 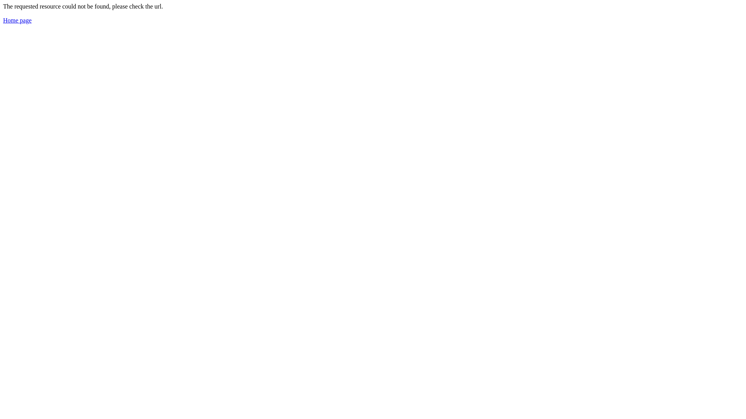 What do you see at coordinates (3, 20) in the screenshot?
I see `'Home page'` at bounding box center [3, 20].